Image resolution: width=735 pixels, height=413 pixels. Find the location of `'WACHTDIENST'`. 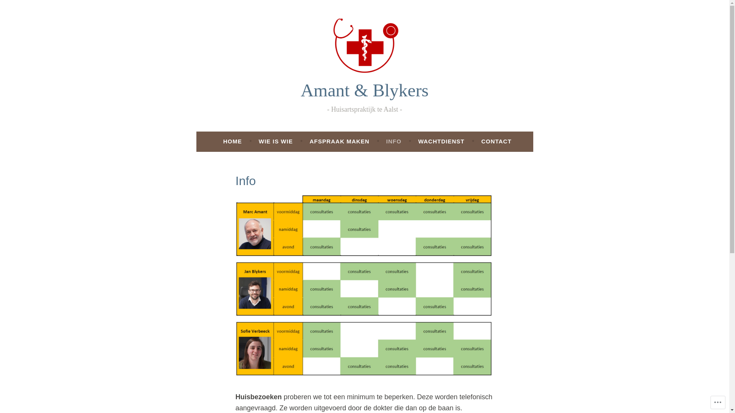

'WACHTDIENST' is located at coordinates (441, 141).